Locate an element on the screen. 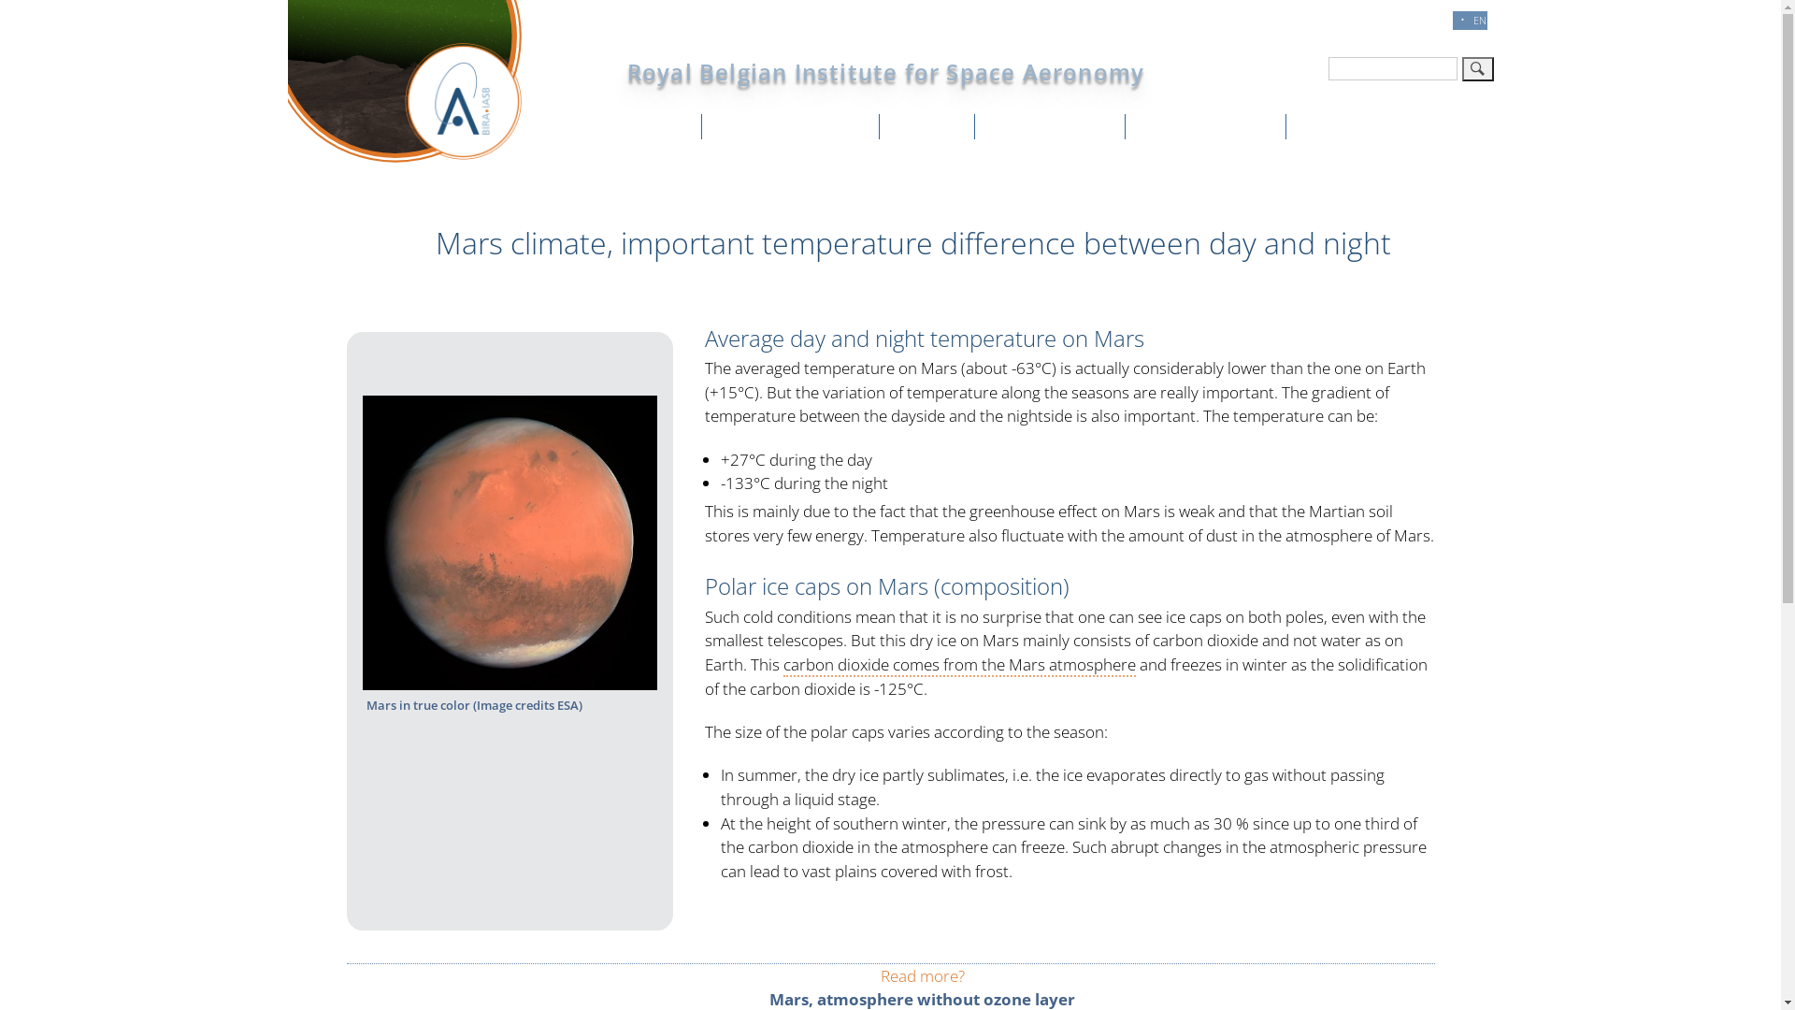 The width and height of the screenshot is (1795, 1010). 'FR' is located at coordinates (1439, 20).